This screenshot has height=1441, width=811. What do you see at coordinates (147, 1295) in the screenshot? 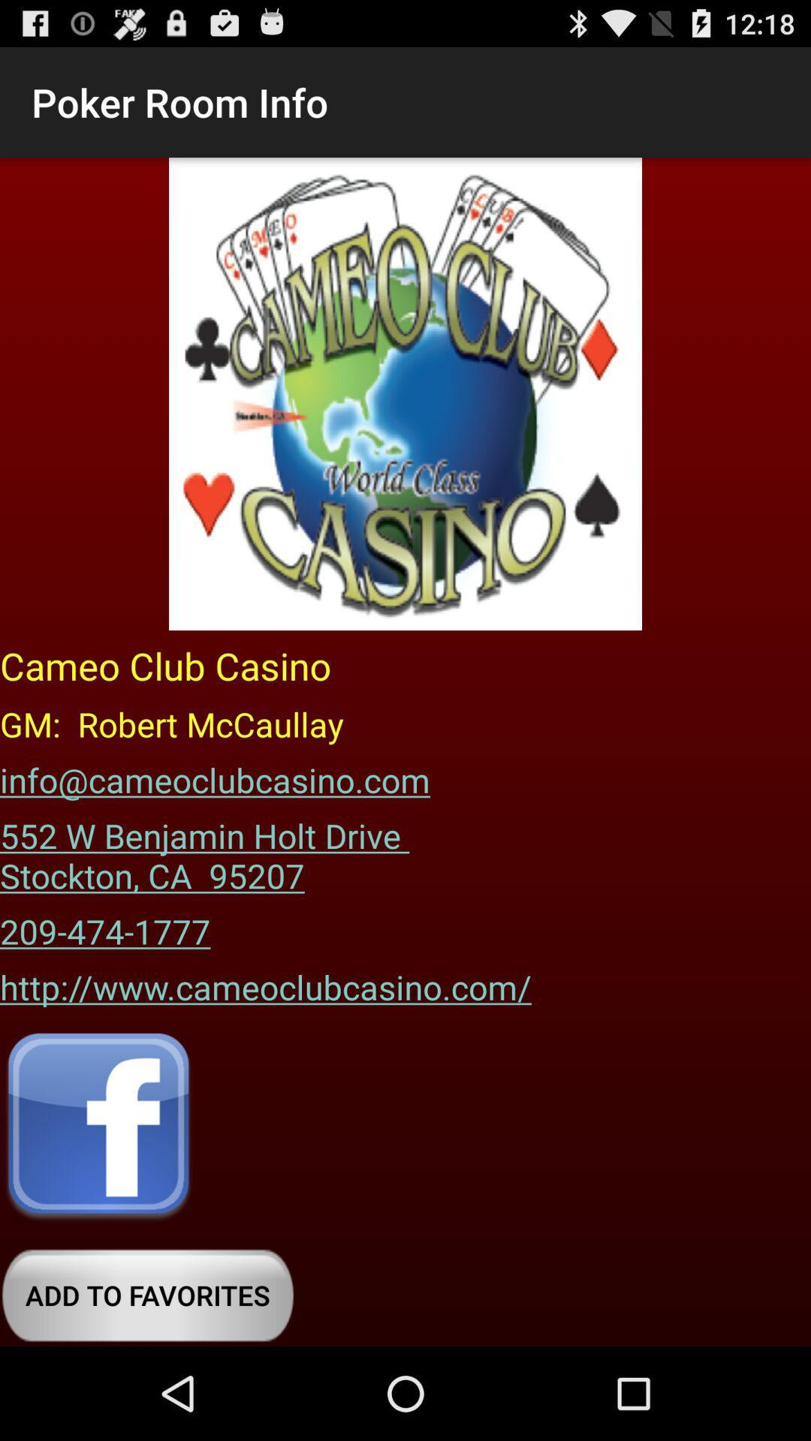
I see `the add to favorites icon` at bounding box center [147, 1295].